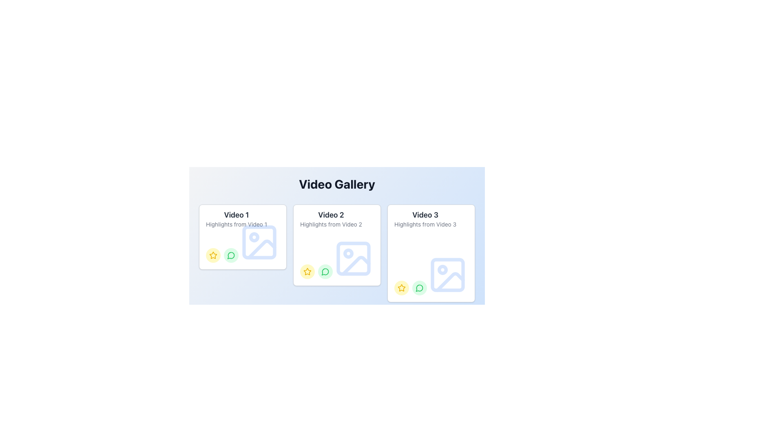  I want to click on the circular messaging icon with a green background and speech bubble shape located below the 'Video 1' card in the 'Video Gallery' section, to the right of the yellow star icon, so click(230, 255).